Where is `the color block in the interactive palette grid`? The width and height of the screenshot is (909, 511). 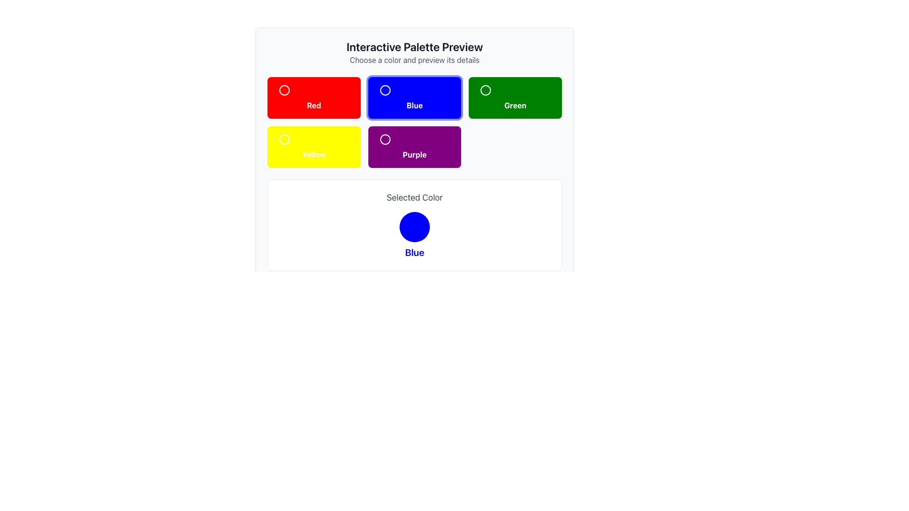
the color block in the interactive palette grid is located at coordinates (414, 122).